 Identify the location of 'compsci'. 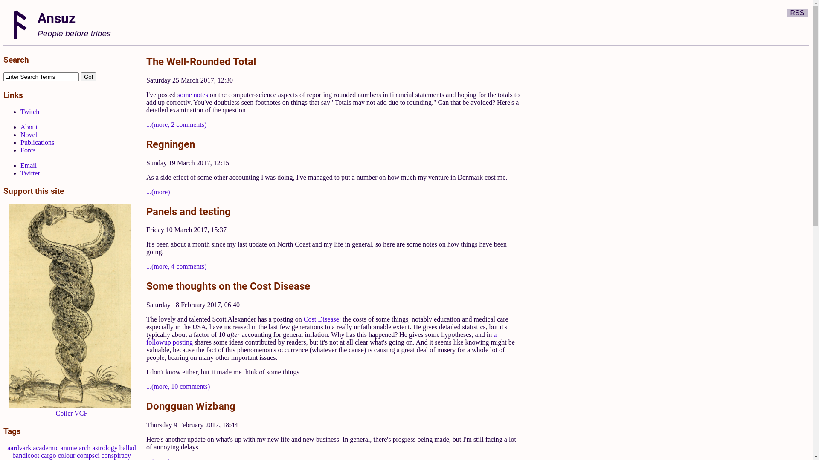
(88, 455).